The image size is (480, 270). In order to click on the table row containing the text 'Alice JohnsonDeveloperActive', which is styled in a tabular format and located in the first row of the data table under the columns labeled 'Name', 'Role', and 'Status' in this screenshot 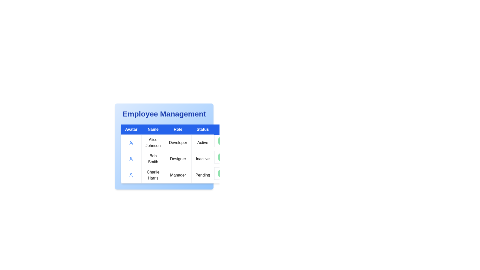, I will do `click(186, 142)`.